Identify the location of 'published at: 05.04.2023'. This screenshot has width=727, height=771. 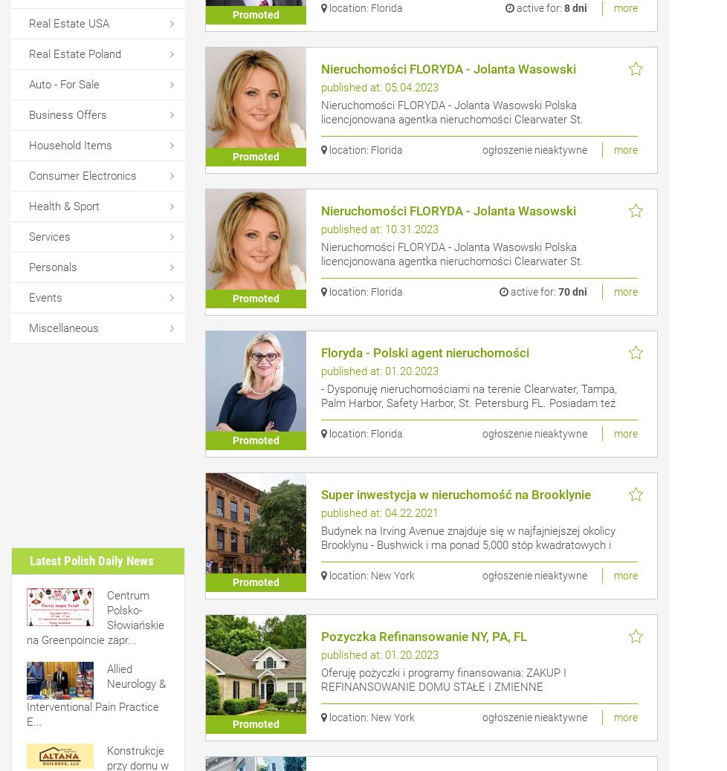
(379, 87).